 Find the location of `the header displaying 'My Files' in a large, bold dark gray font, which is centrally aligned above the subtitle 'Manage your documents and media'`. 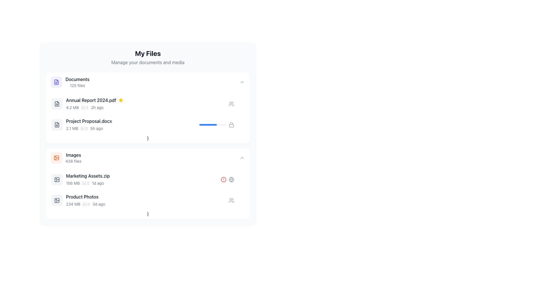

the header displaying 'My Files' in a large, bold dark gray font, which is centrally aligned above the subtitle 'Manage your documents and media' is located at coordinates (148, 53).